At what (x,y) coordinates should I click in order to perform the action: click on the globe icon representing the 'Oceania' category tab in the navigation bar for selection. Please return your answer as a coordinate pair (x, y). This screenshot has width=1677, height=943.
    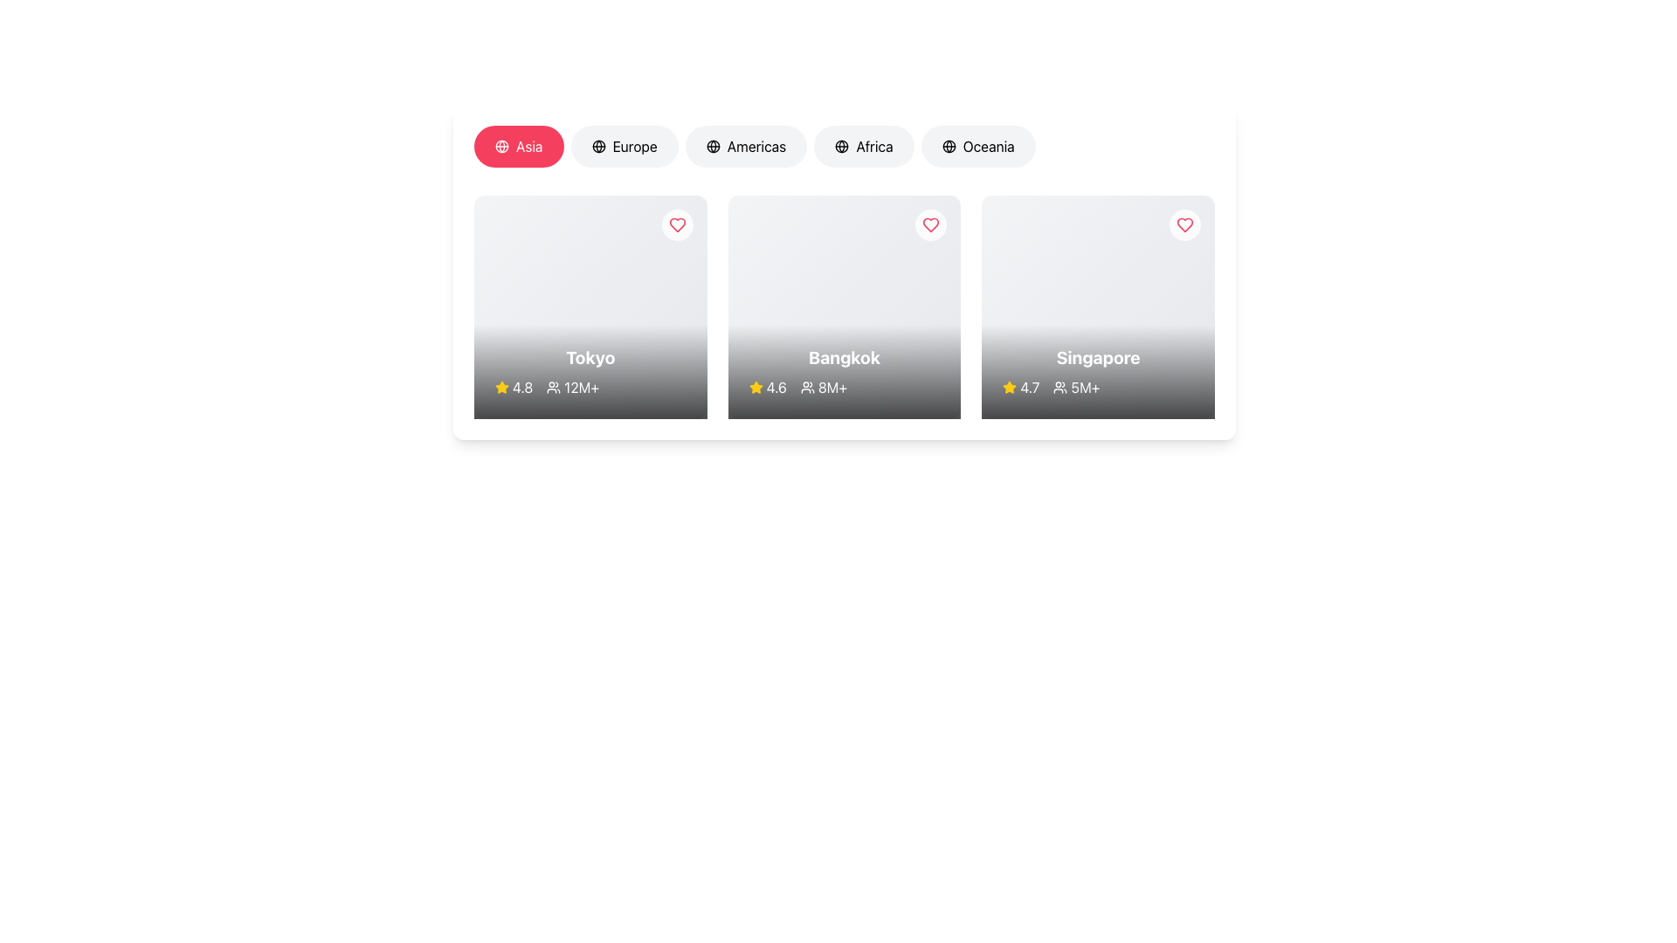
    Looking at the image, I should click on (948, 146).